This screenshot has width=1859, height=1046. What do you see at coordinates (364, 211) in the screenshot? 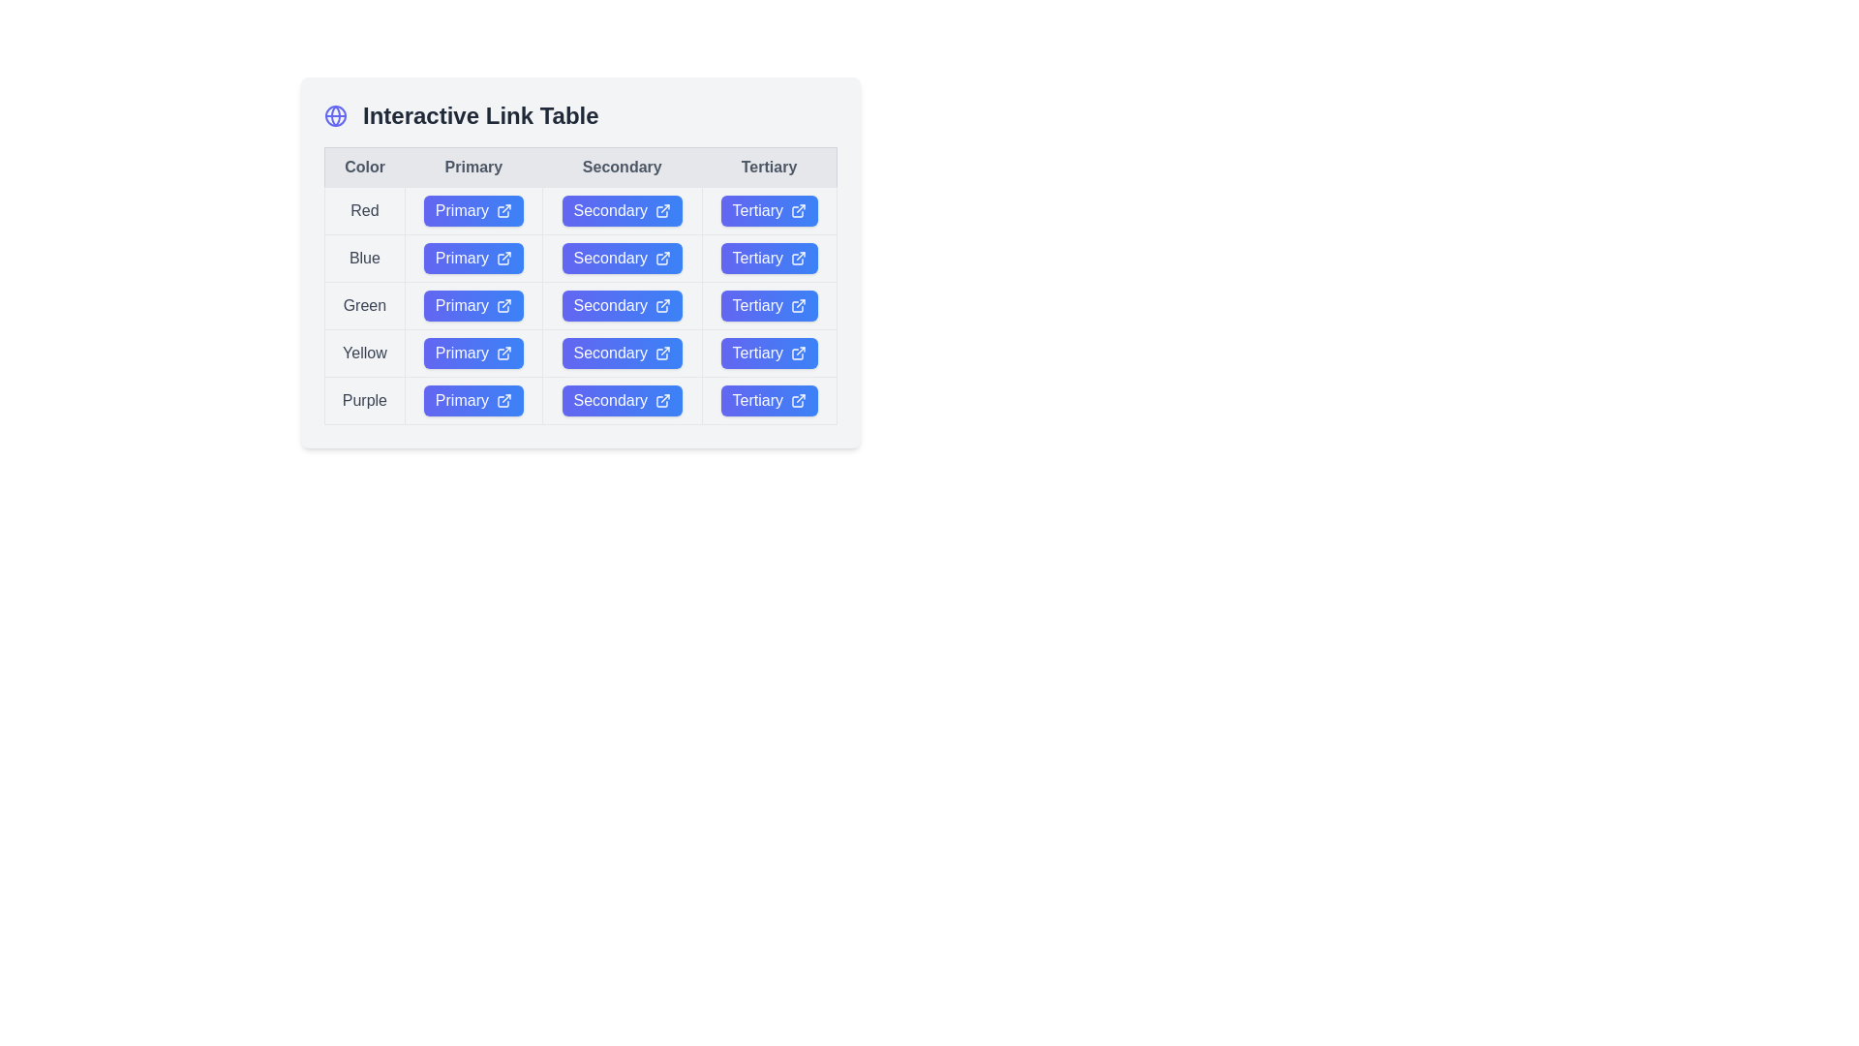
I see `the text label displaying 'Red' in the first entry of the 'Color' column in the table` at bounding box center [364, 211].